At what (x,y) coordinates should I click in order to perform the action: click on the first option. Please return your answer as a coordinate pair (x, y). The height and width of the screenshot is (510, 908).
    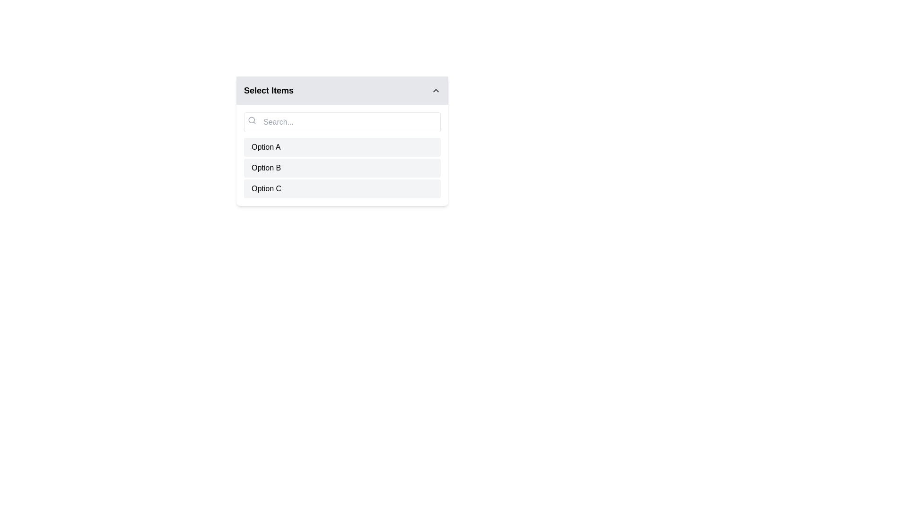
    Looking at the image, I should click on (342, 147).